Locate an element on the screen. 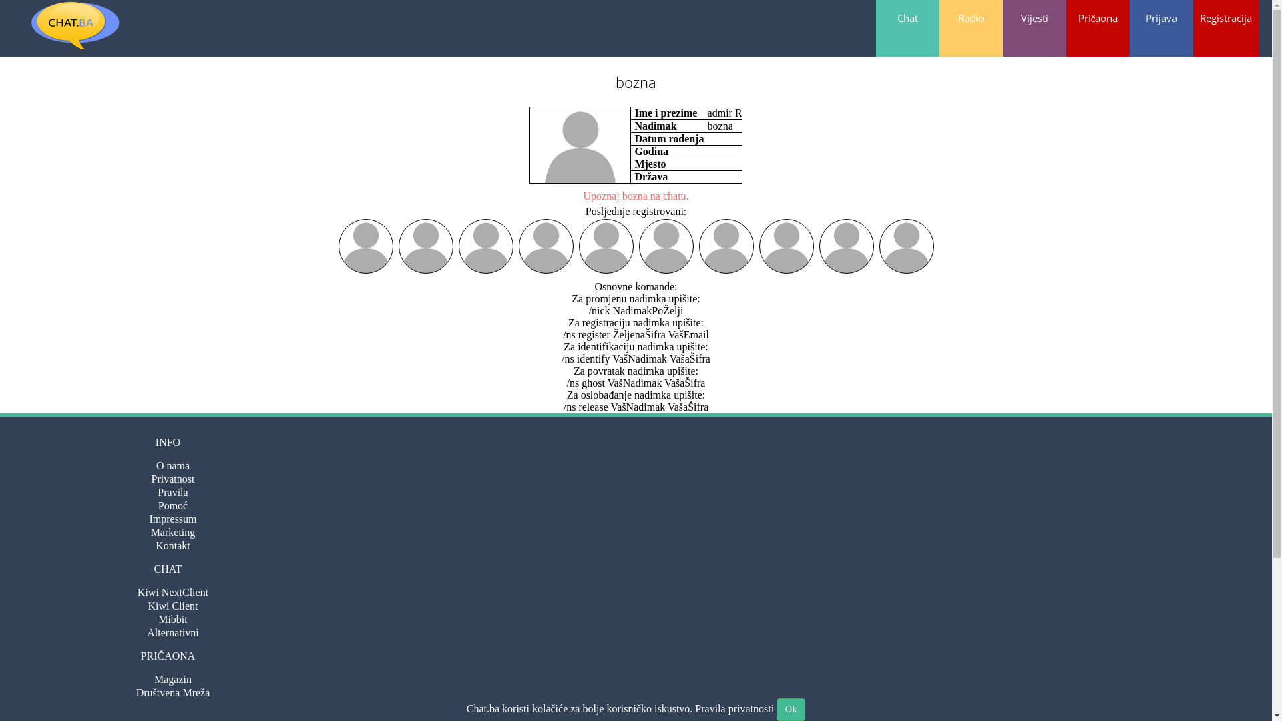 The image size is (1282, 721). 'Marketing' is located at coordinates (172, 531).